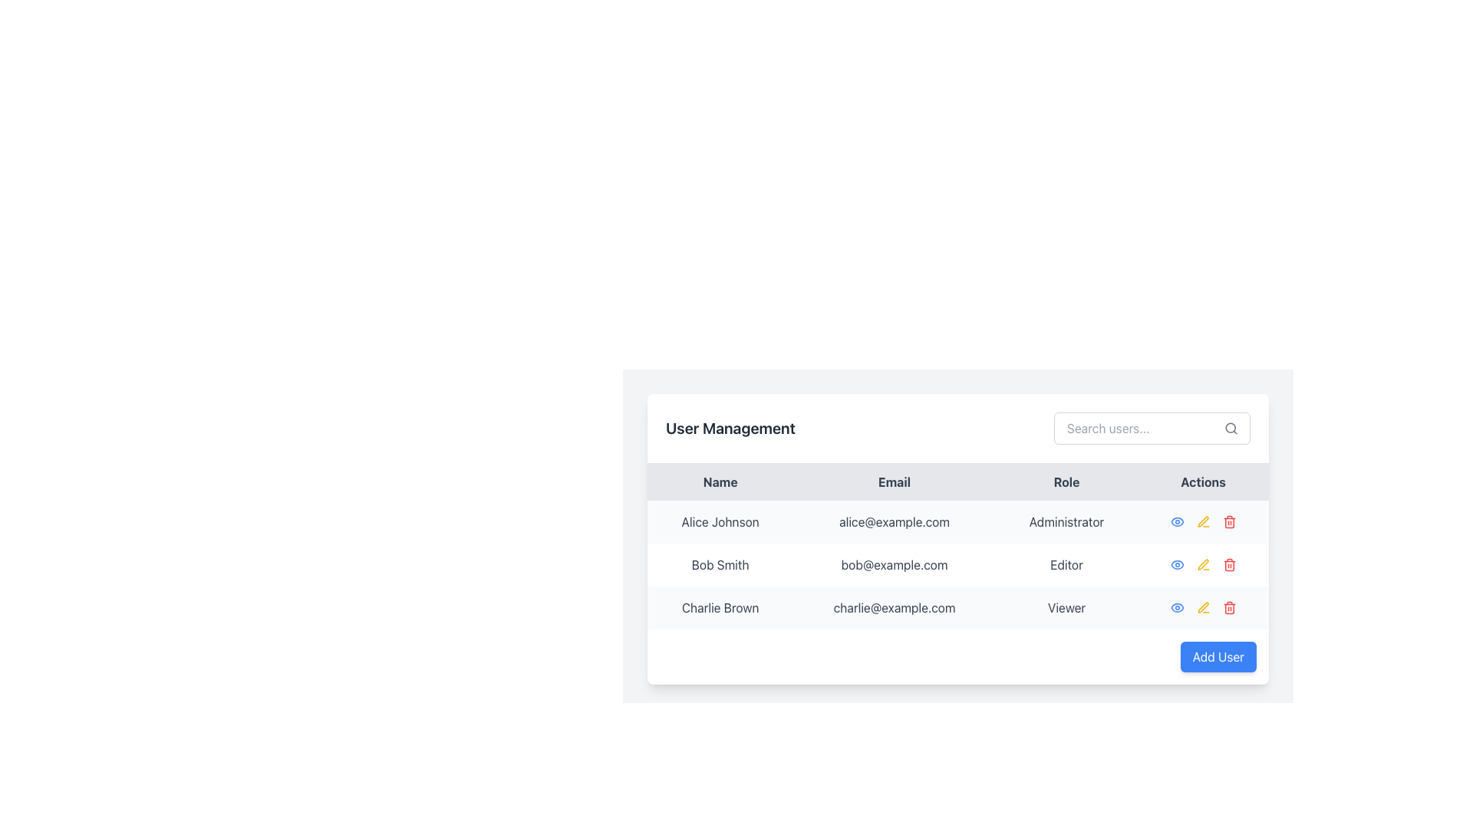 The height and width of the screenshot is (828, 1473). I want to click on the view action icon associated with Bob Smith located in the 'Actions' column of the second row, so click(1176, 564).